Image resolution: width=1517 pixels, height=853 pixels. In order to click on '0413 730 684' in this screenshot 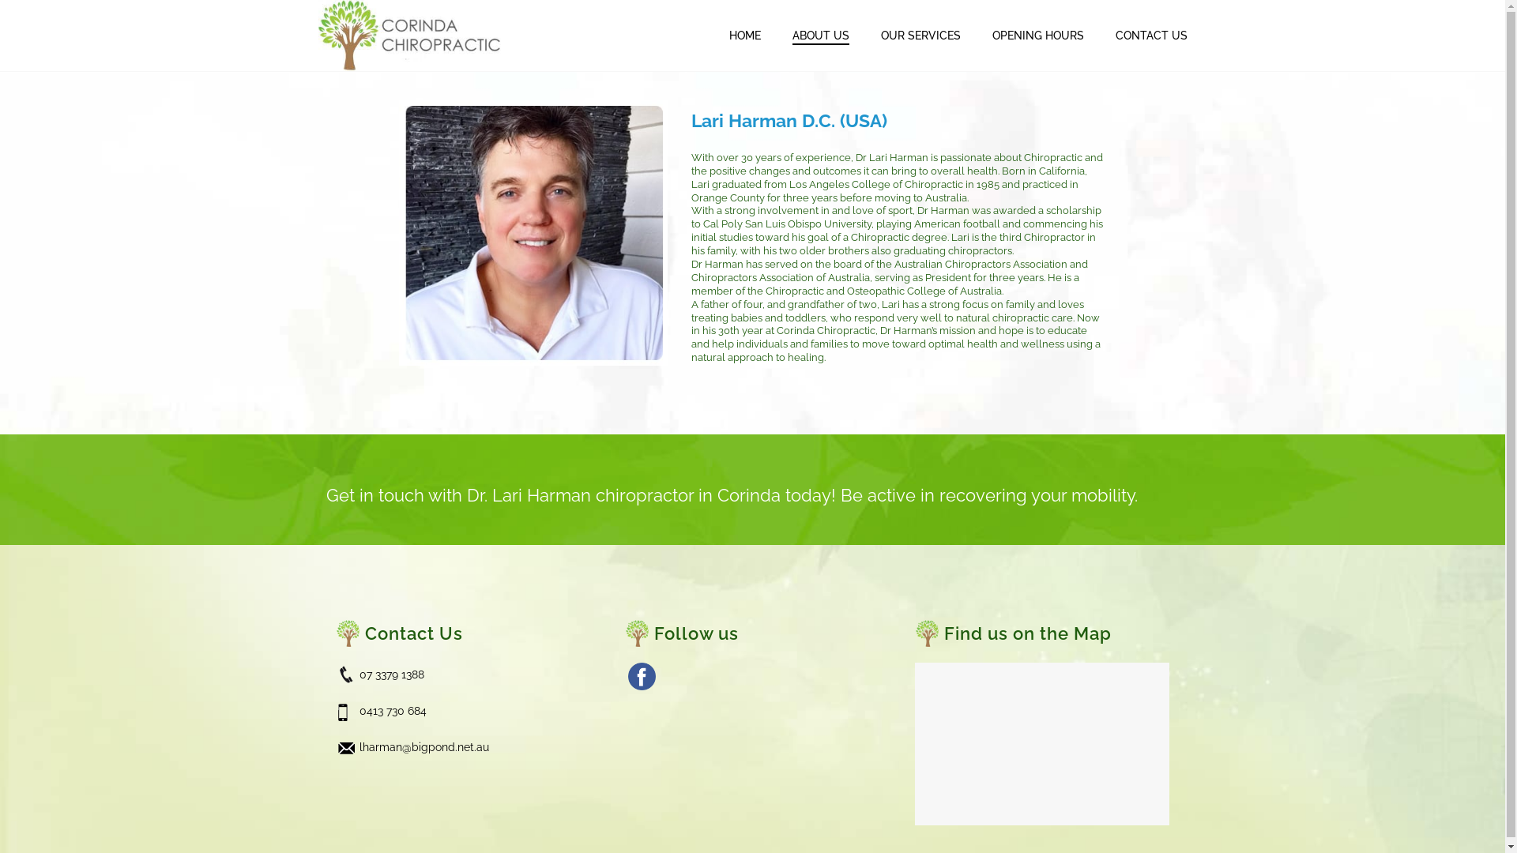, I will do `click(392, 709)`.